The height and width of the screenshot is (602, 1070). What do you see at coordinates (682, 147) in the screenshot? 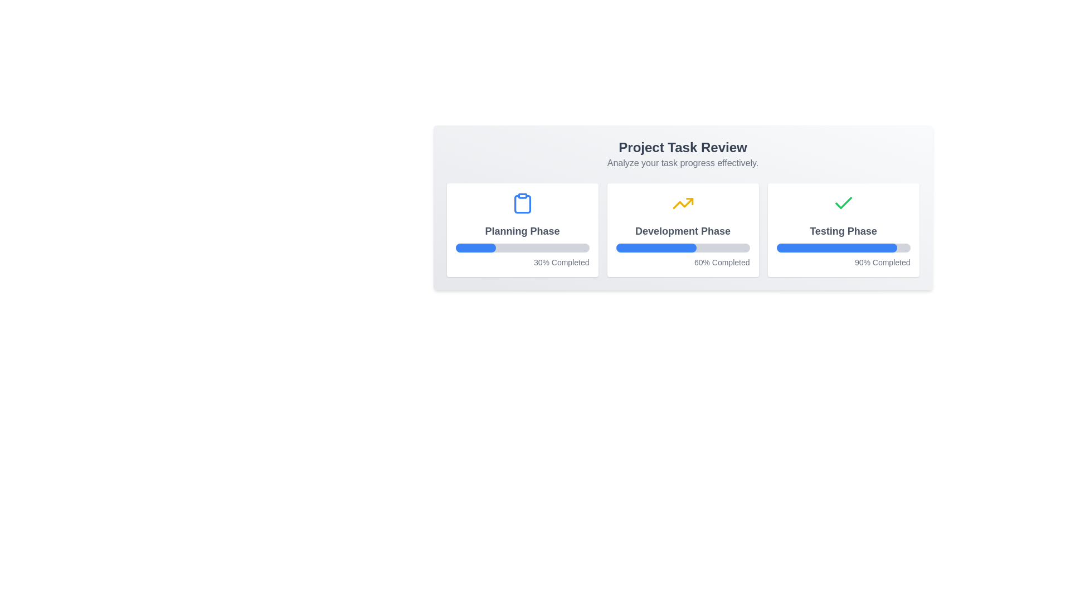
I see `the Text Label element, which serves as a heading or title for the section, located at the center top of the interface, above the text 'Analyze your task progress effectively.'` at bounding box center [682, 147].